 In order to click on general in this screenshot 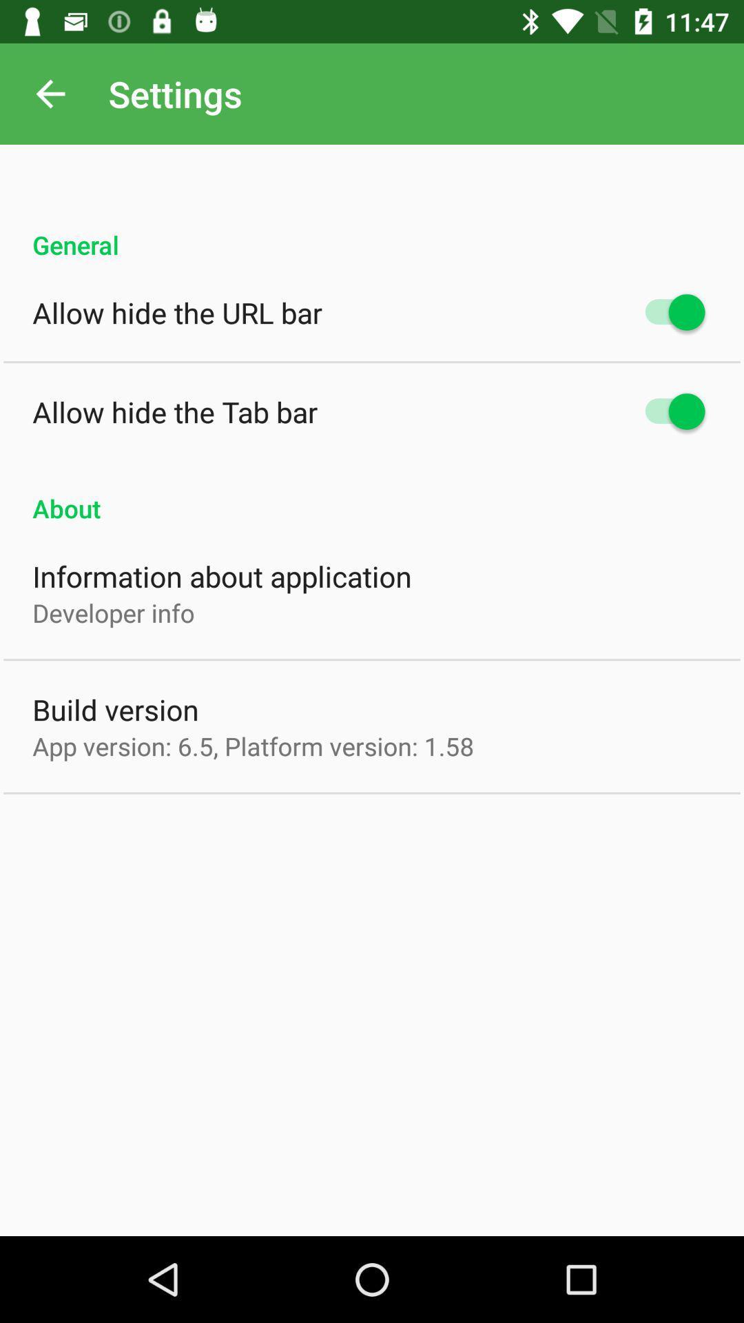, I will do `click(372, 230)`.